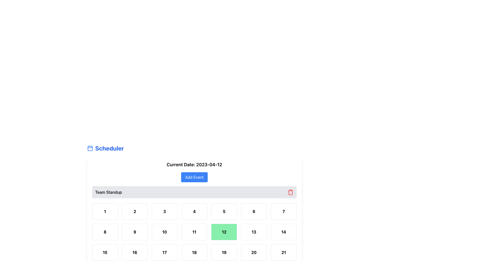 This screenshot has height=270, width=481. Describe the element at coordinates (284, 252) in the screenshot. I see `the rectangular button with a white background and black bold '21' text, located in the last column of the third row of the 'Team Standup' section` at that location.